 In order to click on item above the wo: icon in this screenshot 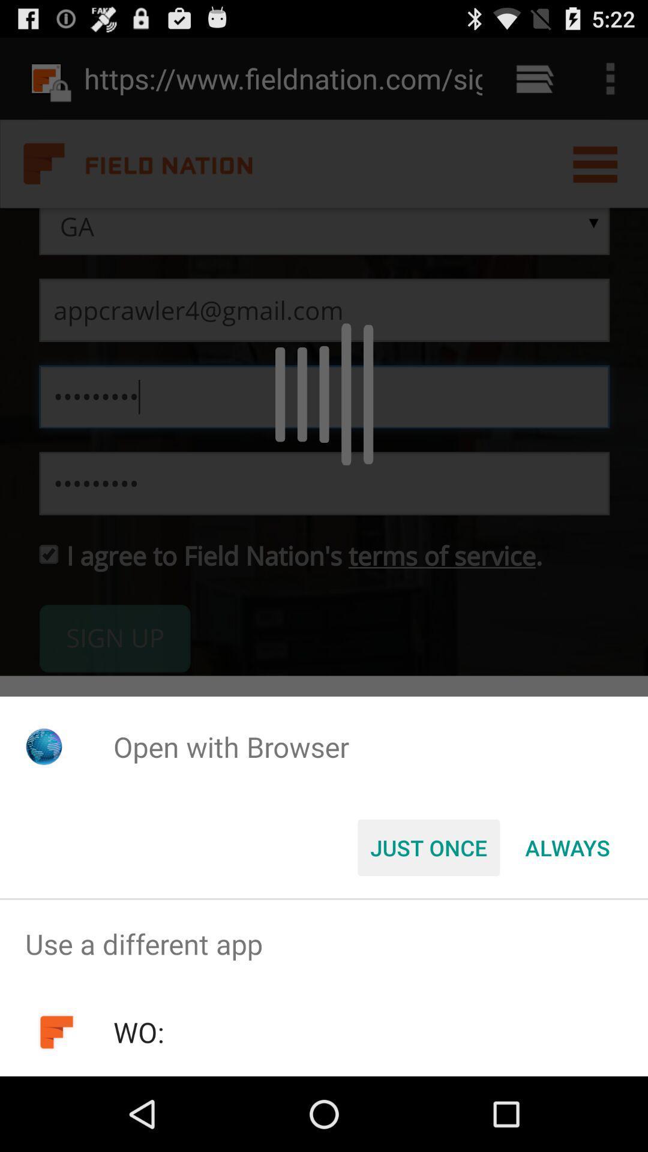, I will do `click(324, 943)`.